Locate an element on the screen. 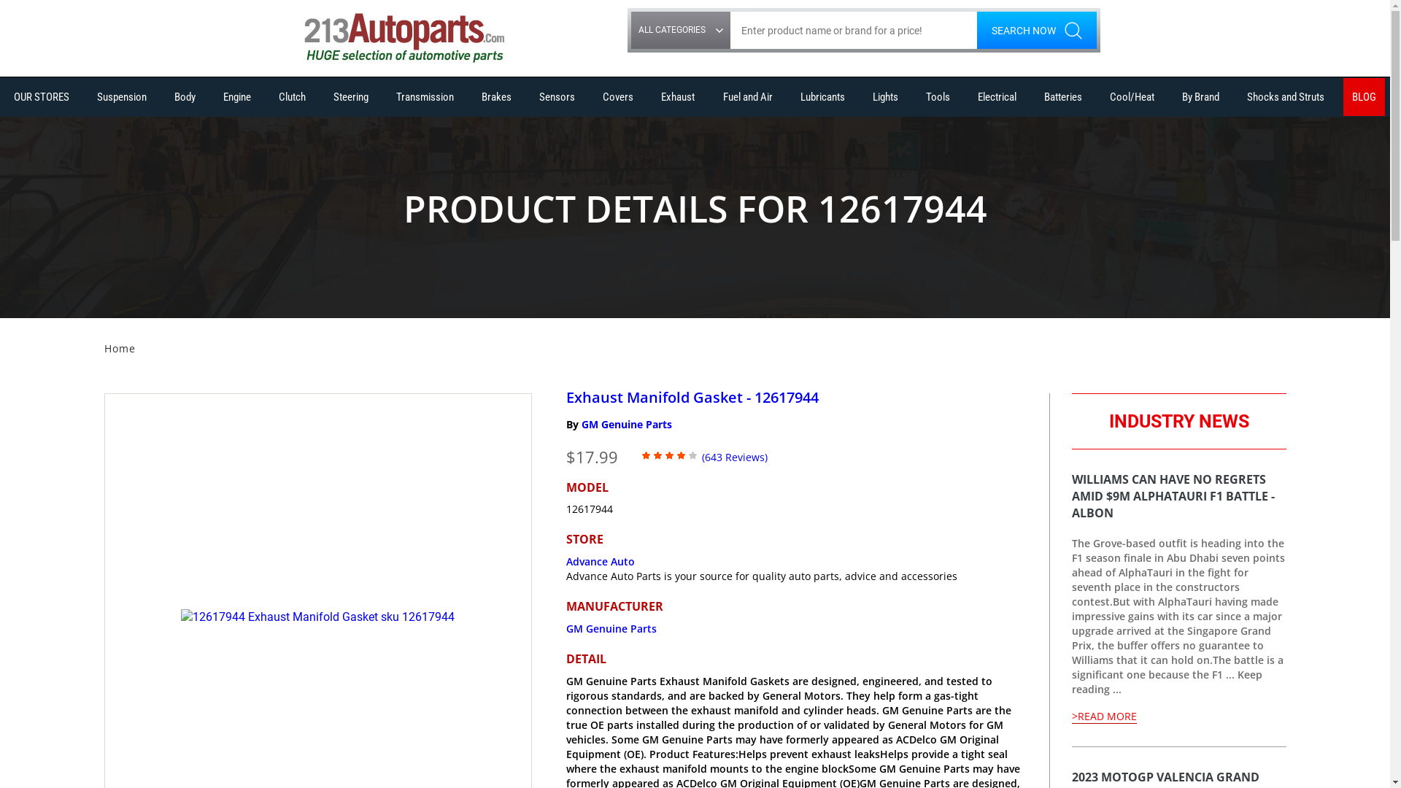 This screenshot has height=788, width=1401. 'Fuel and Air' is located at coordinates (714, 96).